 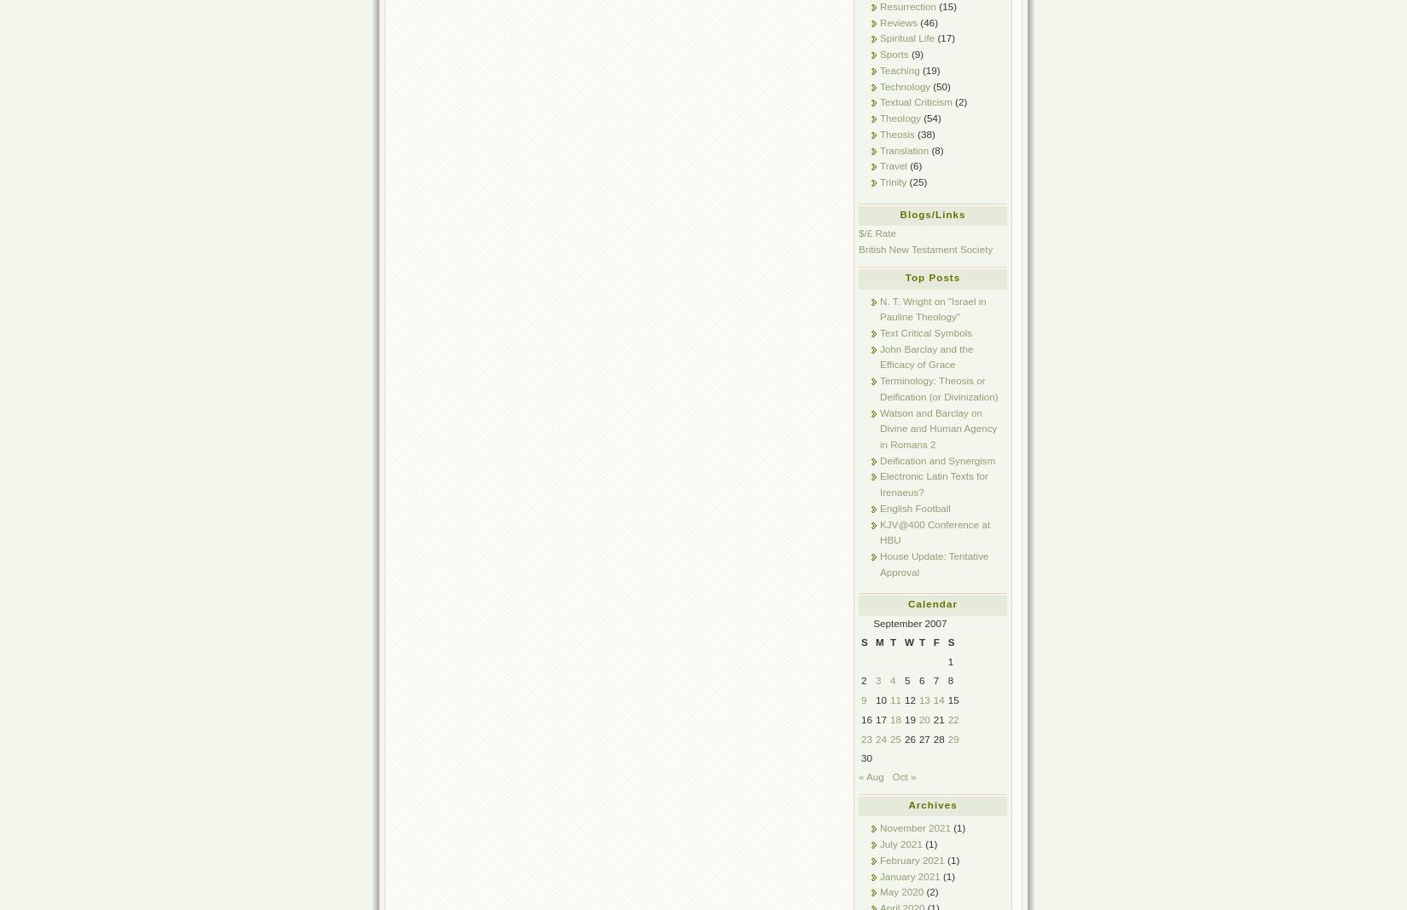 I want to click on 'Text Critical Symbols', so click(x=880, y=331).